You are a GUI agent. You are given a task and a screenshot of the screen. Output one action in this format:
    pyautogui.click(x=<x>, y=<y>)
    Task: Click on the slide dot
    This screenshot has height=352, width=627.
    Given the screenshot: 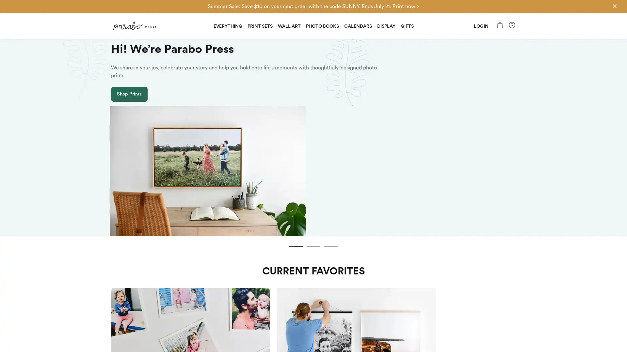 What is the action you would take?
    pyautogui.click(x=333, y=180)
    